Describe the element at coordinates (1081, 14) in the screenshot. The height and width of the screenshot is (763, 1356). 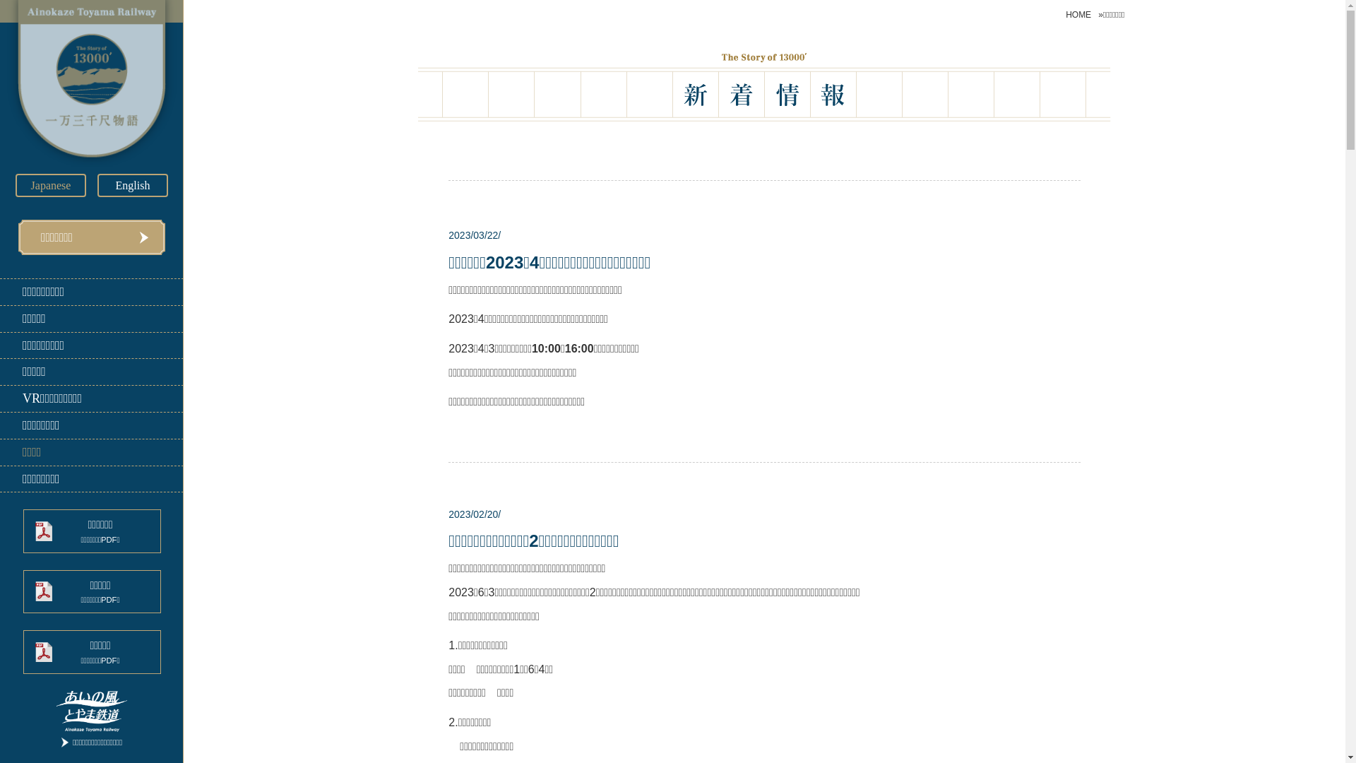
I see `'HOME'` at that location.